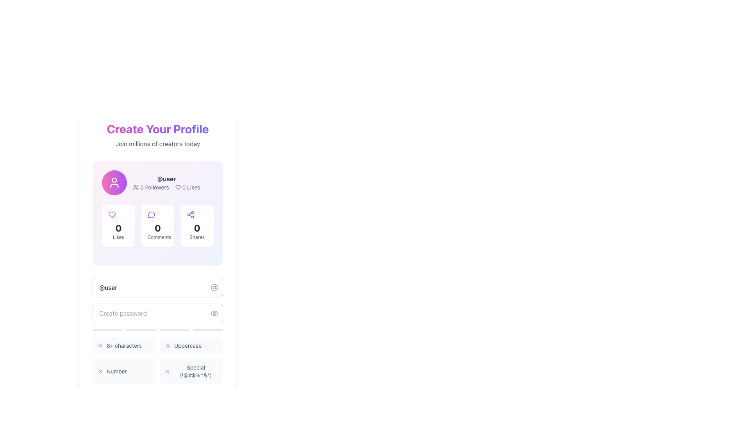 This screenshot has height=421, width=750. I want to click on the lower portion of the user avatar icon, represented by a curved line forming a semi-oval shape, which is part of an SVG graphic, so click(114, 186).